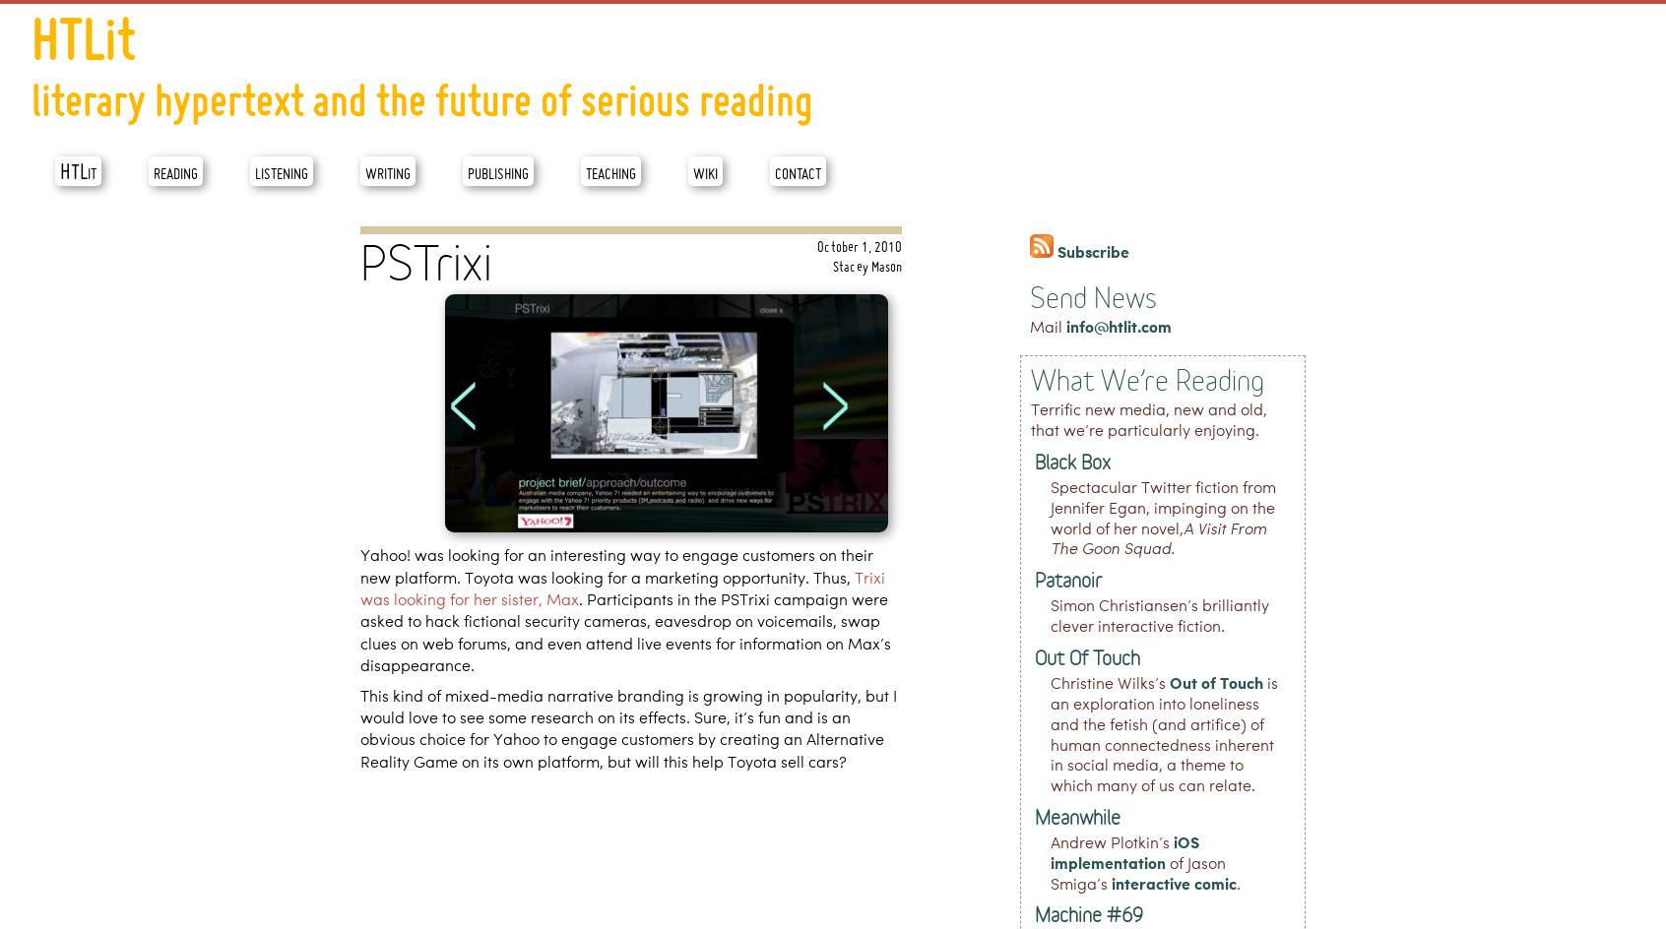 The image size is (1666, 929). What do you see at coordinates (359, 588) in the screenshot?
I see `'Trixi was looking for her sister,  Max'` at bounding box center [359, 588].